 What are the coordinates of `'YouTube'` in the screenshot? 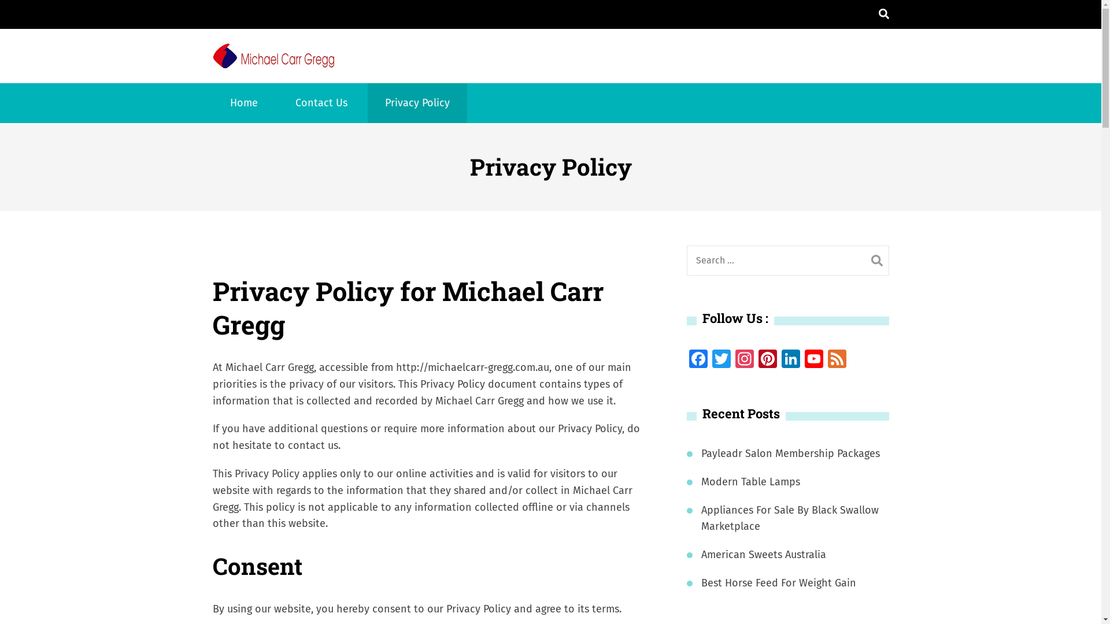 It's located at (813, 359).